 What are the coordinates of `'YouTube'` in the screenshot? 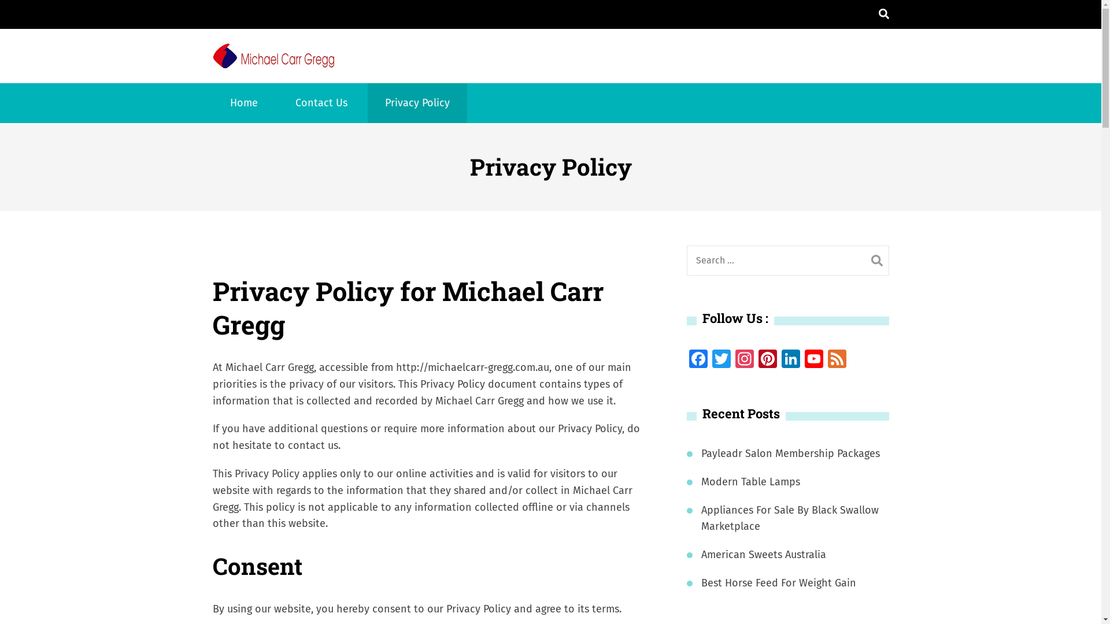 It's located at (813, 359).